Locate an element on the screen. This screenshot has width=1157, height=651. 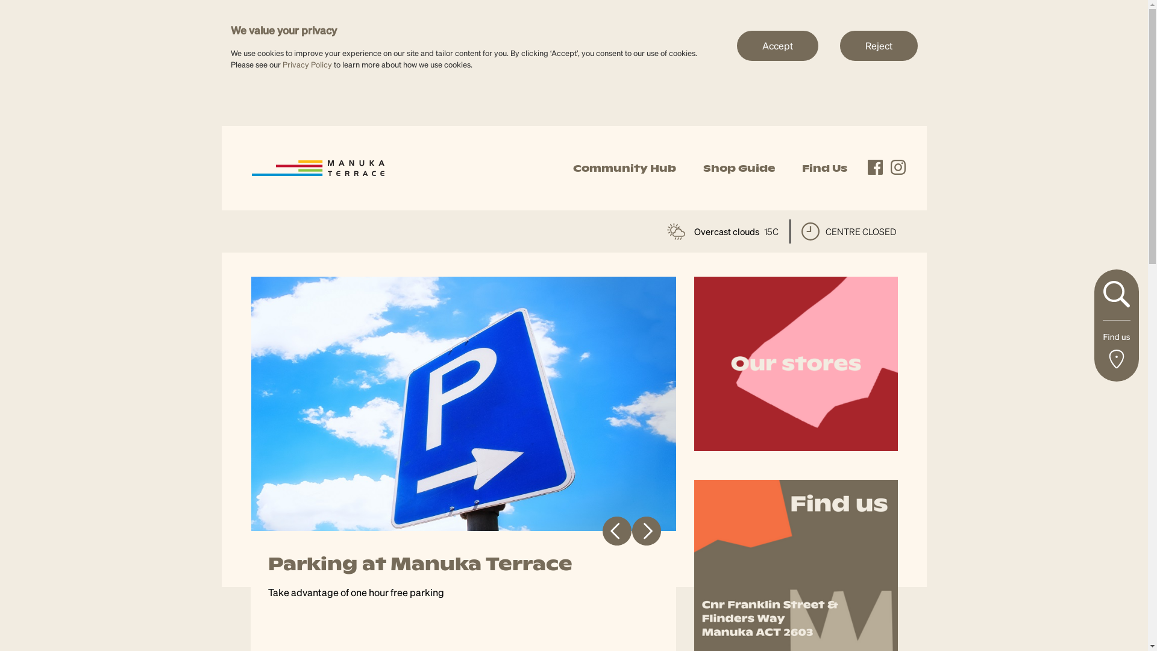
'facebook' is located at coordinates (875, 167).